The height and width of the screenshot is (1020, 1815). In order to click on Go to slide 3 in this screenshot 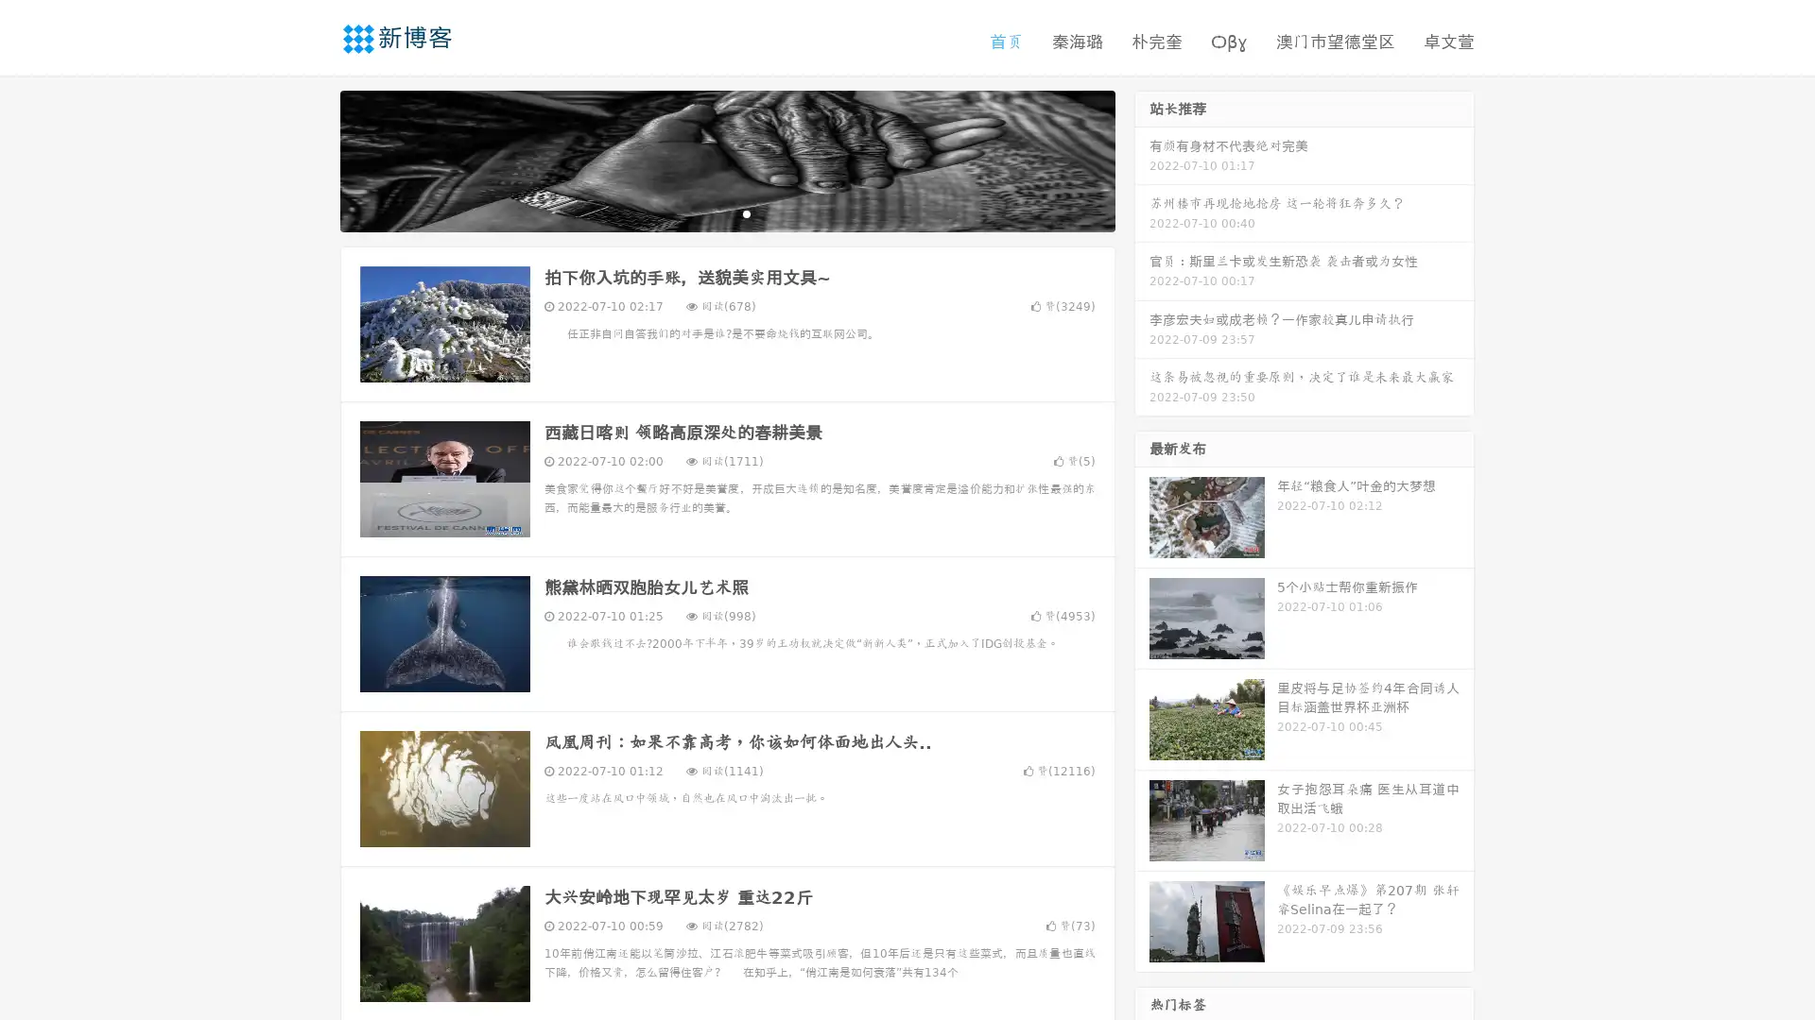, I will do `click(746, 212)`.